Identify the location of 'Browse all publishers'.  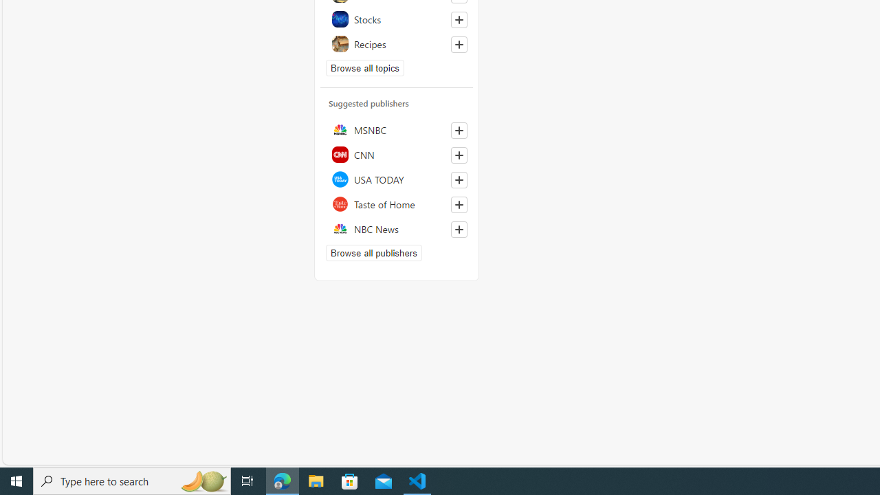
(374, 252).